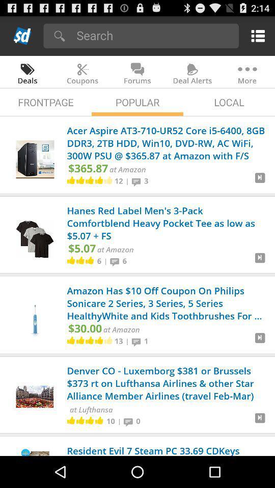 This screenshot has height=488, width=275. I want to click on the icon next to 12 item, so click(127, 181).